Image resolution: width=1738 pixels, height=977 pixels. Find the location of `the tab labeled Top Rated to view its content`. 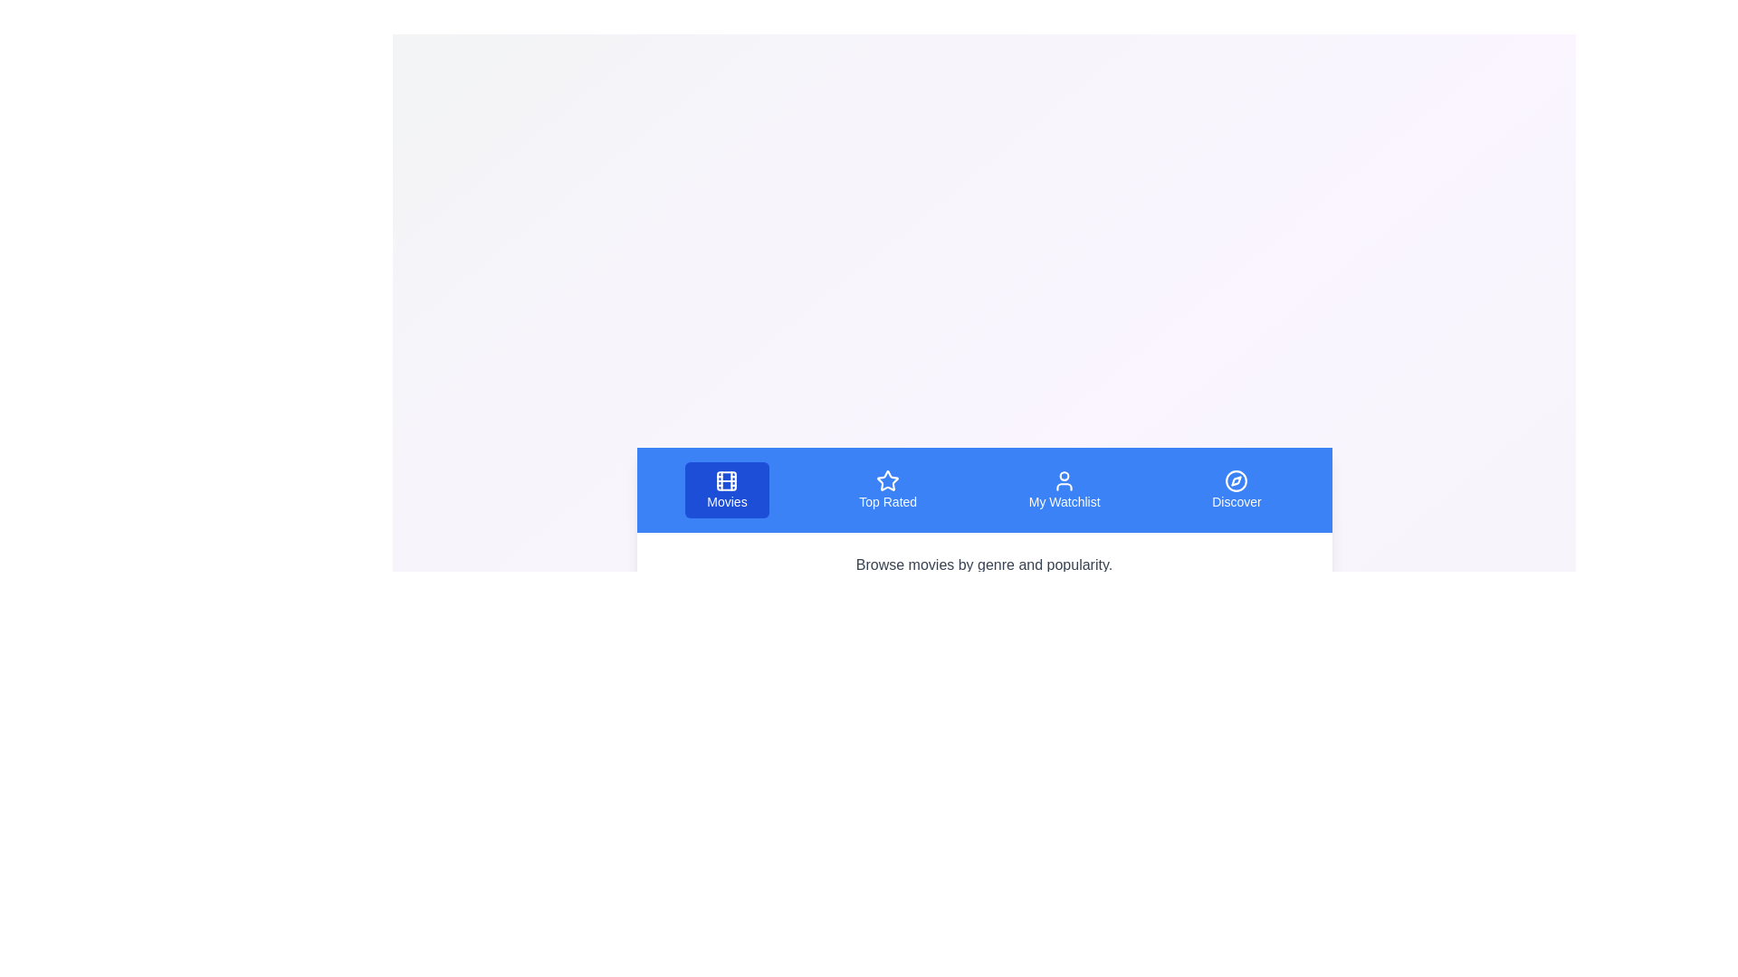

the tab labeled Top Rated to view its content is located at coordinates (888, 490).